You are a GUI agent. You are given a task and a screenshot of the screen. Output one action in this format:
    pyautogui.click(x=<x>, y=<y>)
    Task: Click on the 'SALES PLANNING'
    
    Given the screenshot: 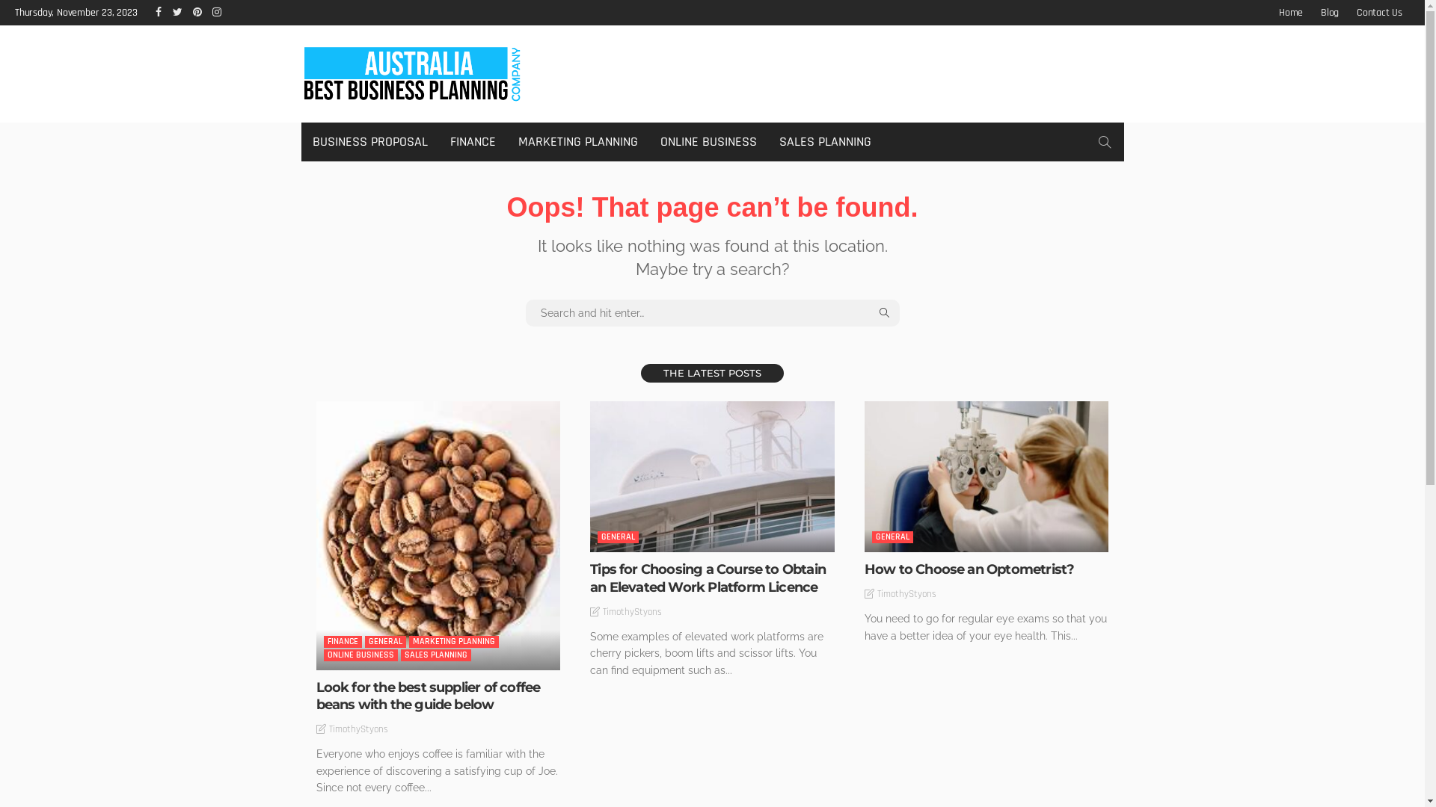 What is the action you would take?
    pyautogui.click(x=435, y=654)
    